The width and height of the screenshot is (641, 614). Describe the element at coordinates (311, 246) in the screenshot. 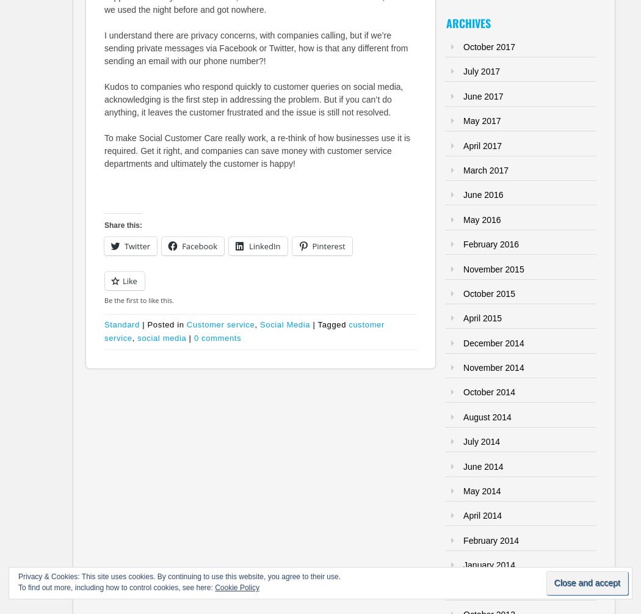

I see `'Pinterest'` at that location.